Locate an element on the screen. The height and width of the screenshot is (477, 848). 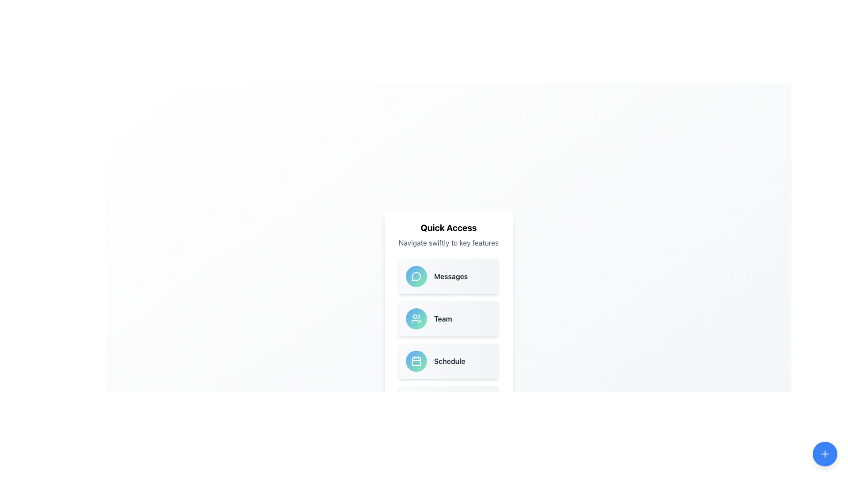
the 'Quick Access' text-based informational display which includes a bold heading and a subtitle, positioned at the top of a card layout is located at coordinates (449, 235).